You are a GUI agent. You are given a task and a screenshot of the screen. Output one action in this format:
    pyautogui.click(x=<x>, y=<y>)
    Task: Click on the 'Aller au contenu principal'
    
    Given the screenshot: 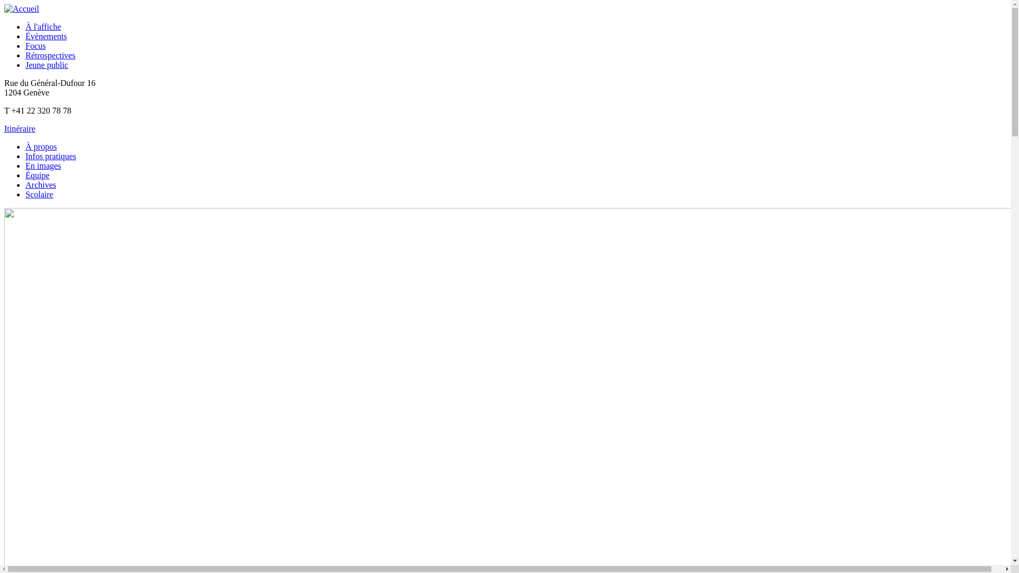 What is the action you would take?
    pyautogui.click(x=48, y=4)
    